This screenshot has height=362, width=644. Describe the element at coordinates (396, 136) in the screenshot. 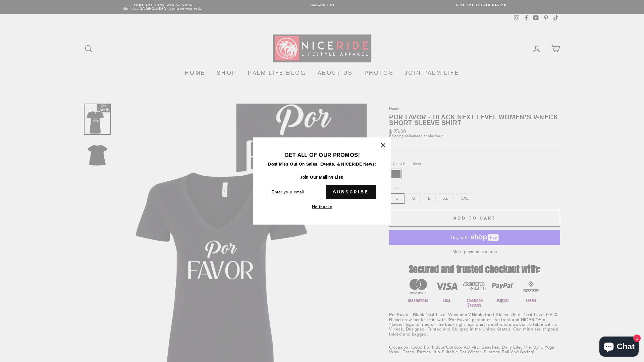

I see `'Shipping'` at that location.